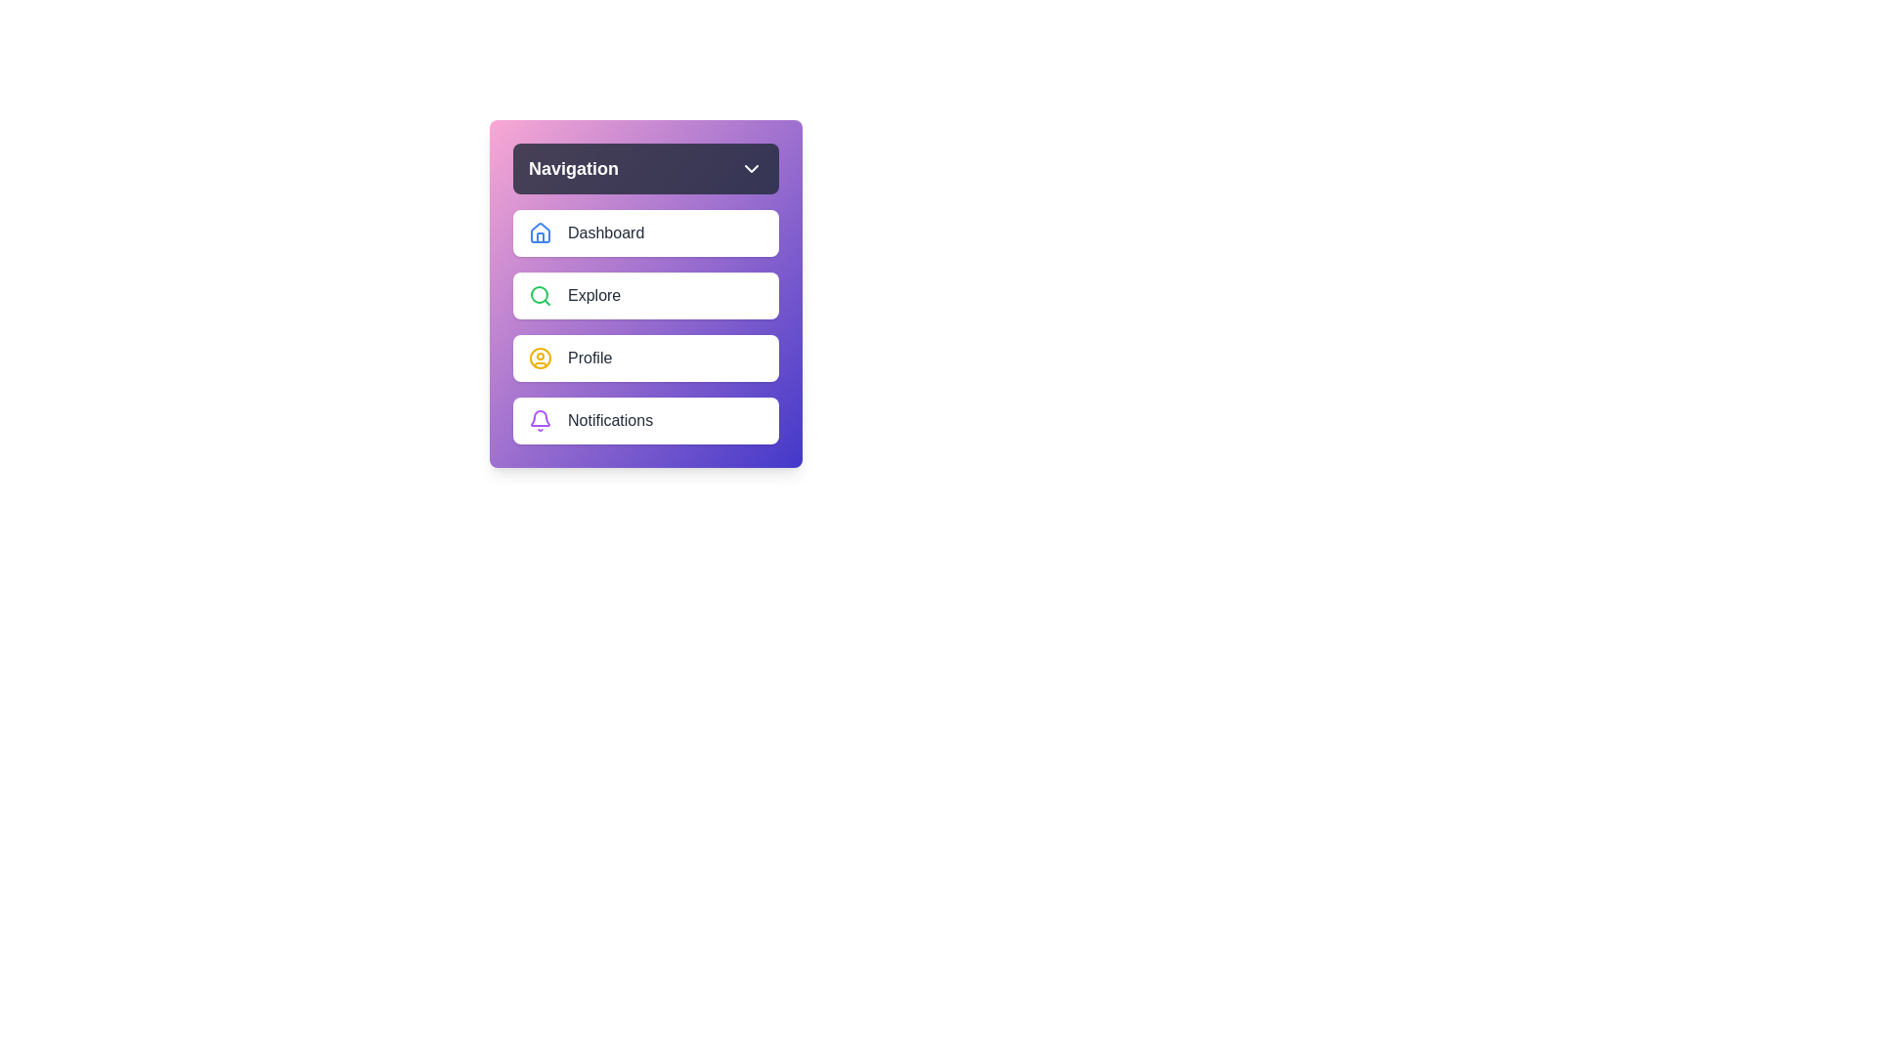 The image size is (1877, 1055). I want to click on the navigation item Notifications from the menu, so click(646, 420).